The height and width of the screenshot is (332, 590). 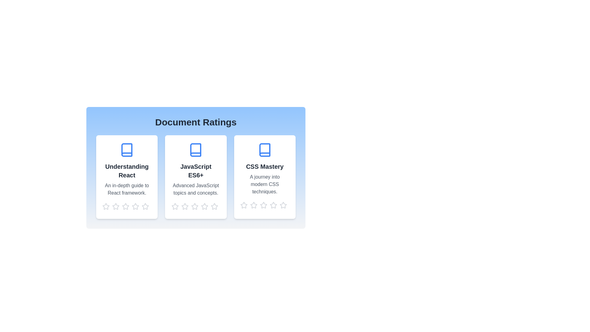 I want to click on the document icon for the document titled CSS Mastery, so click(x=265, y=150).